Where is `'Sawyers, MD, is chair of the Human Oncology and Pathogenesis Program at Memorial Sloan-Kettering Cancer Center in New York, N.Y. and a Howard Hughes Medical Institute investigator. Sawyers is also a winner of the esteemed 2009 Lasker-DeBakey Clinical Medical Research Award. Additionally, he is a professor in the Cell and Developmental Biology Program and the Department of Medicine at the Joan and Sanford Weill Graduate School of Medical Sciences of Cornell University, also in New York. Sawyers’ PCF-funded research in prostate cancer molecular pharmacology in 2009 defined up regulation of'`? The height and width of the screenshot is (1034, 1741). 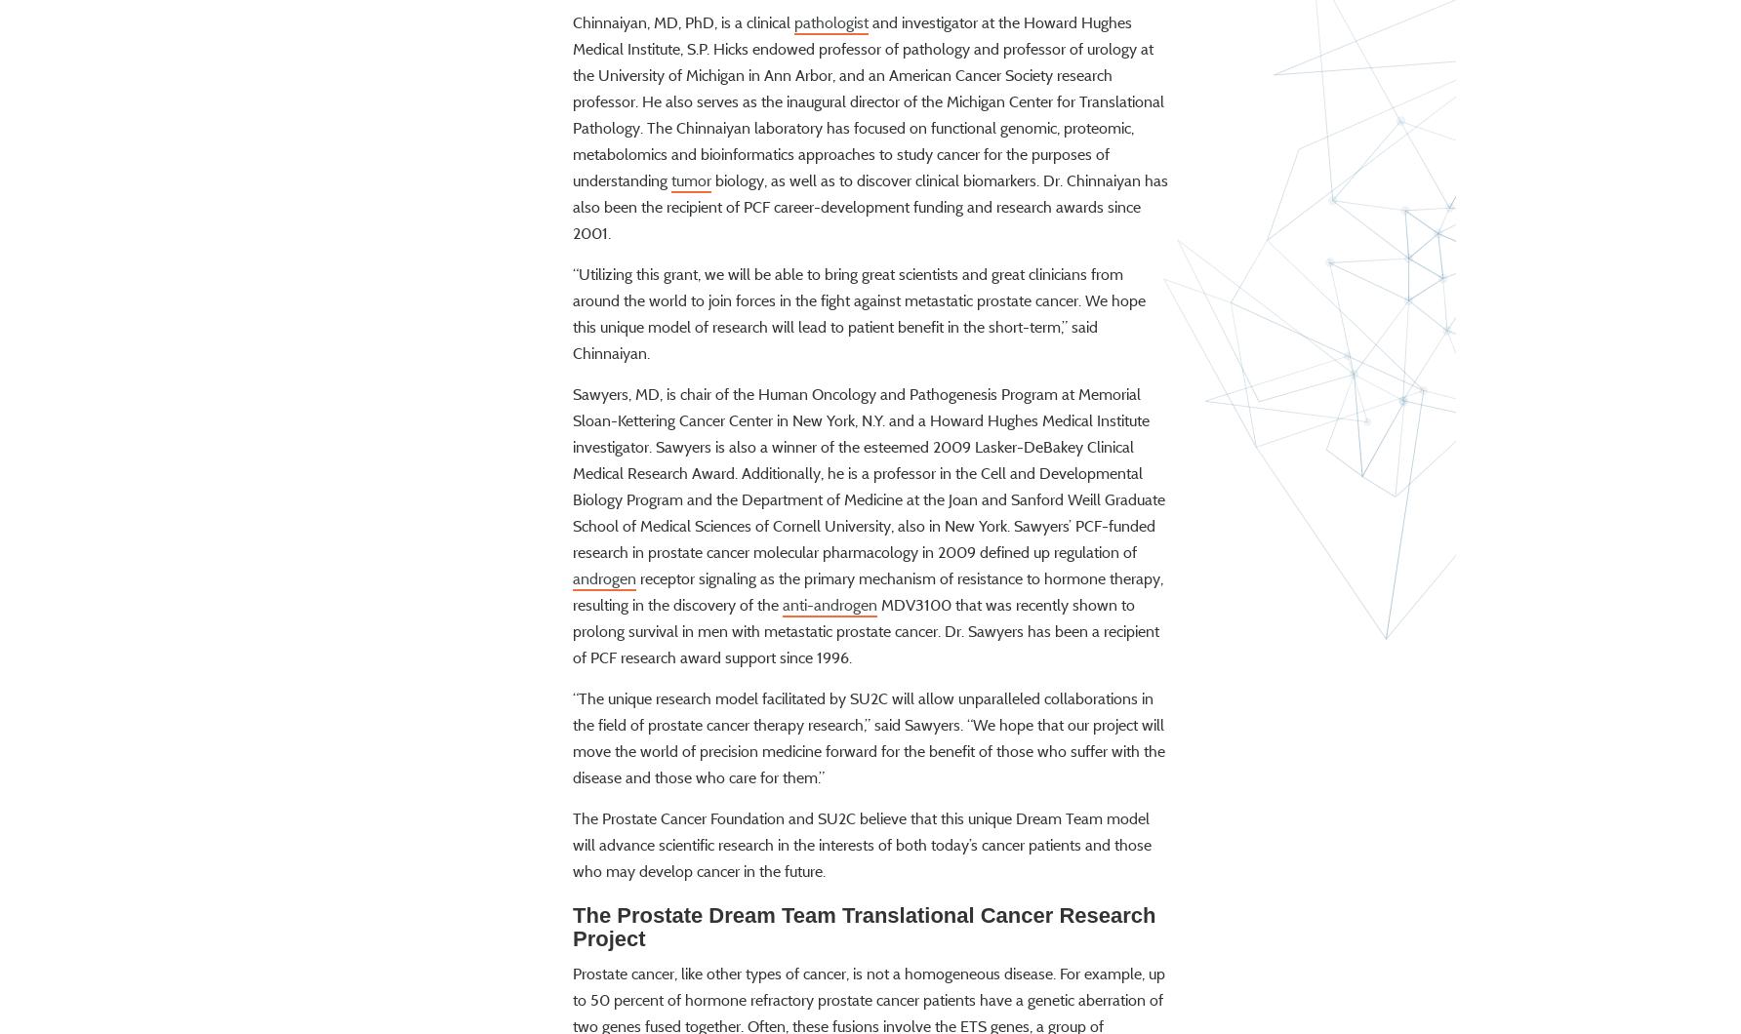
'Sawyers, MD, is chair of the Human Oncology and Pathogenesis Program at Memorial Sloan-Kettering Cancer Center in New York, N.Y. and a Howard Hughes Medical Institute investigator. Sawyers is also a winner of the esteemed 2009 Lasker-DeBakey Clinical Medical Research Award. Additionally, he is a professor in the Cell and Developmental Biology Program and the Department of Medicine at the Joan and Sanford Weill Graduate School of Medical Sciences of Cornell University, also in New York. Sawyers’ PCF-funded research in prostate cancer molecular pharmacology in 2009 defined up regulation of' is located at coordinates (868, 528).